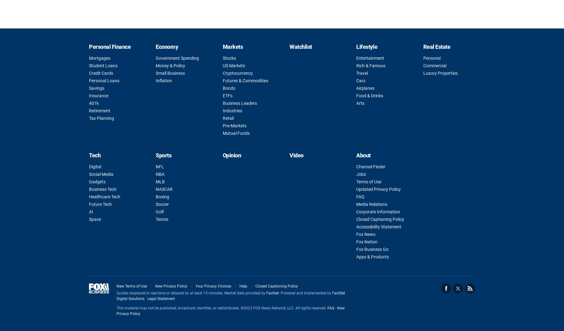  I want to click on 'Retail', so click(222, 118).